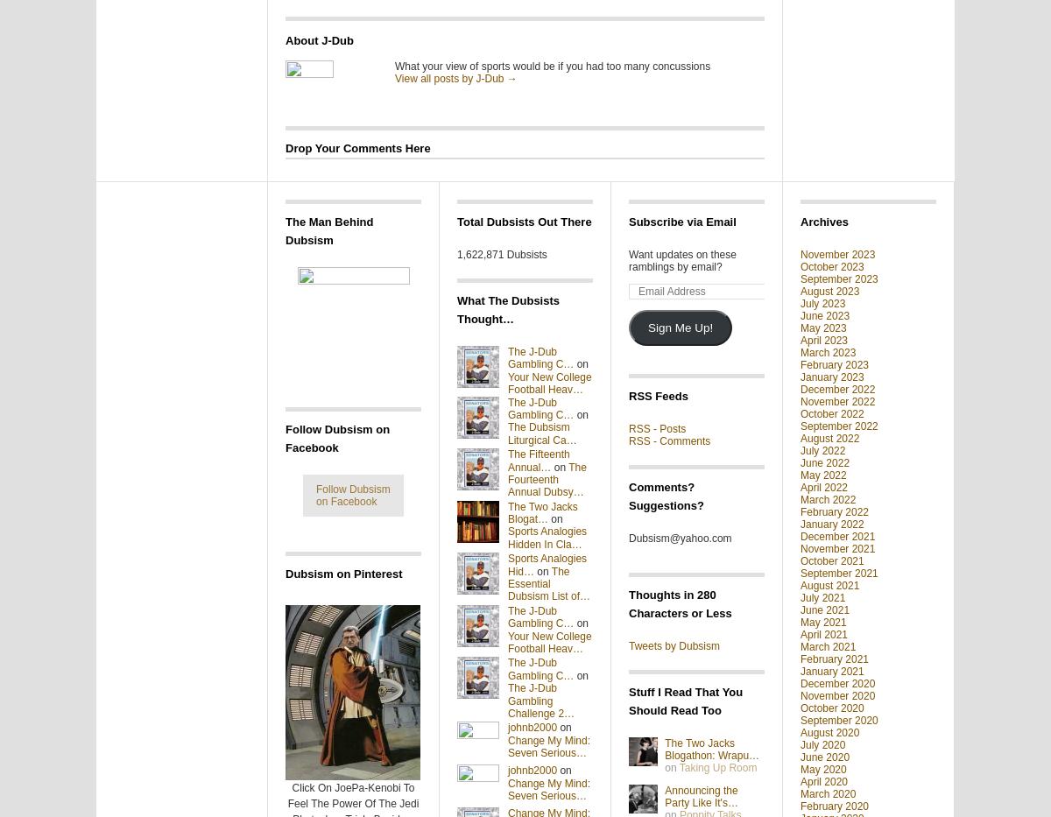  What do you see at coordinates (674, 645) in the screenshot?
I see `'Tweets by Dubsism'` at bounding box center [674, 645].